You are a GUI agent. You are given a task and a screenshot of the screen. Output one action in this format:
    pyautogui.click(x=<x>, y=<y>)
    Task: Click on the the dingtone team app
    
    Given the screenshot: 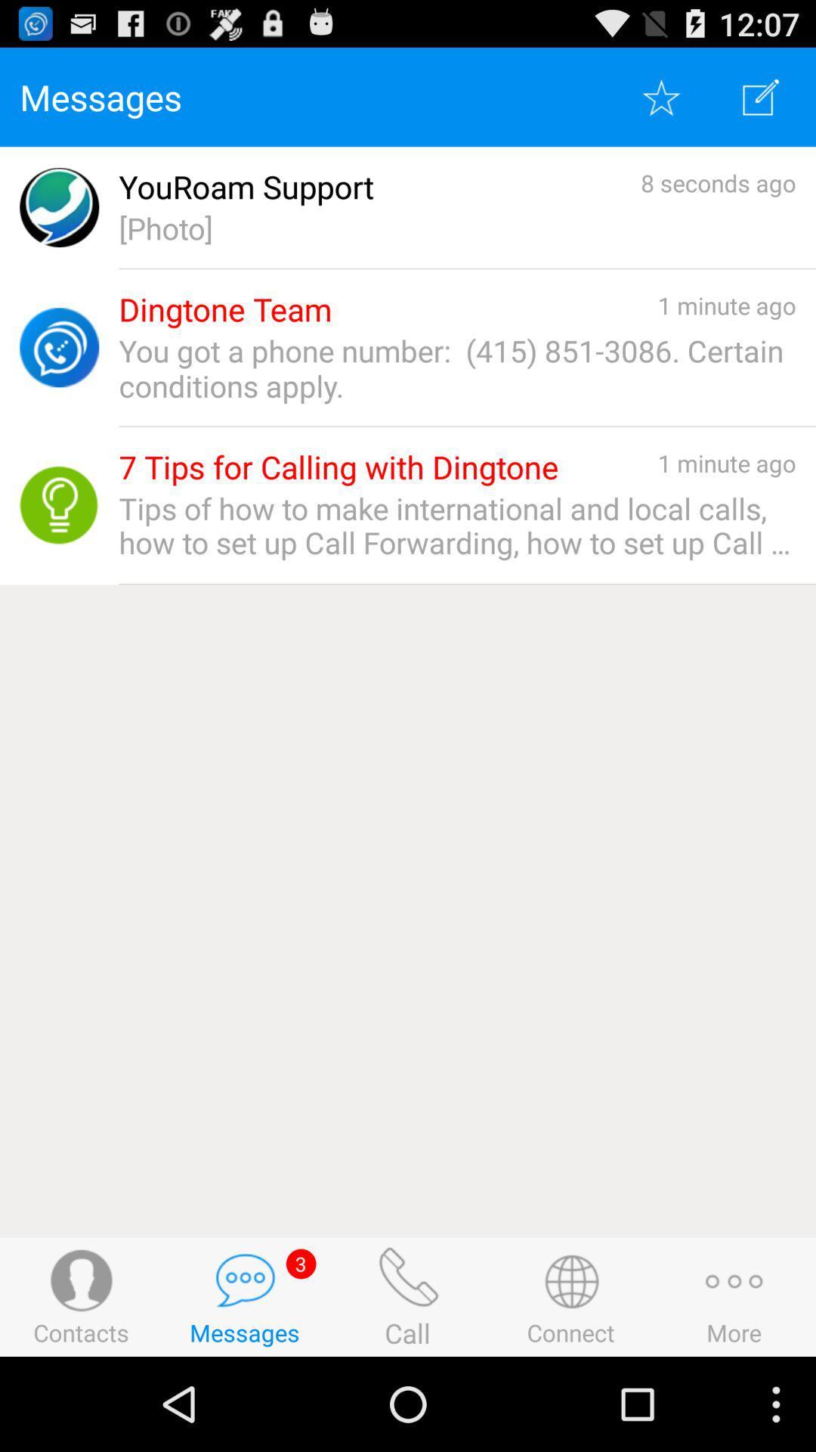 What is the action you would take?
    pyautogui.click(x=225, y=309)
    